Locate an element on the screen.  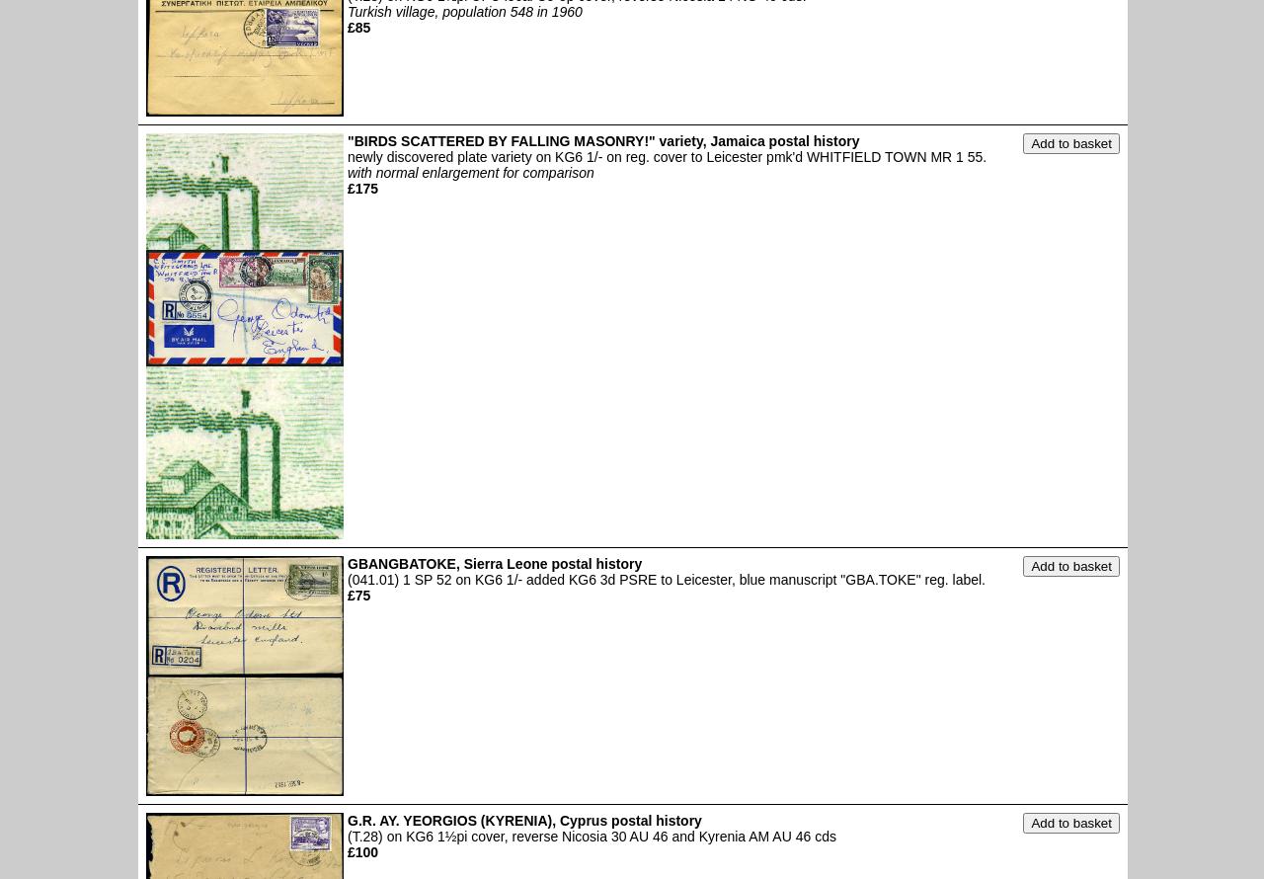
'with normal enlargement for comparison' is located at coordinates (469, 172).